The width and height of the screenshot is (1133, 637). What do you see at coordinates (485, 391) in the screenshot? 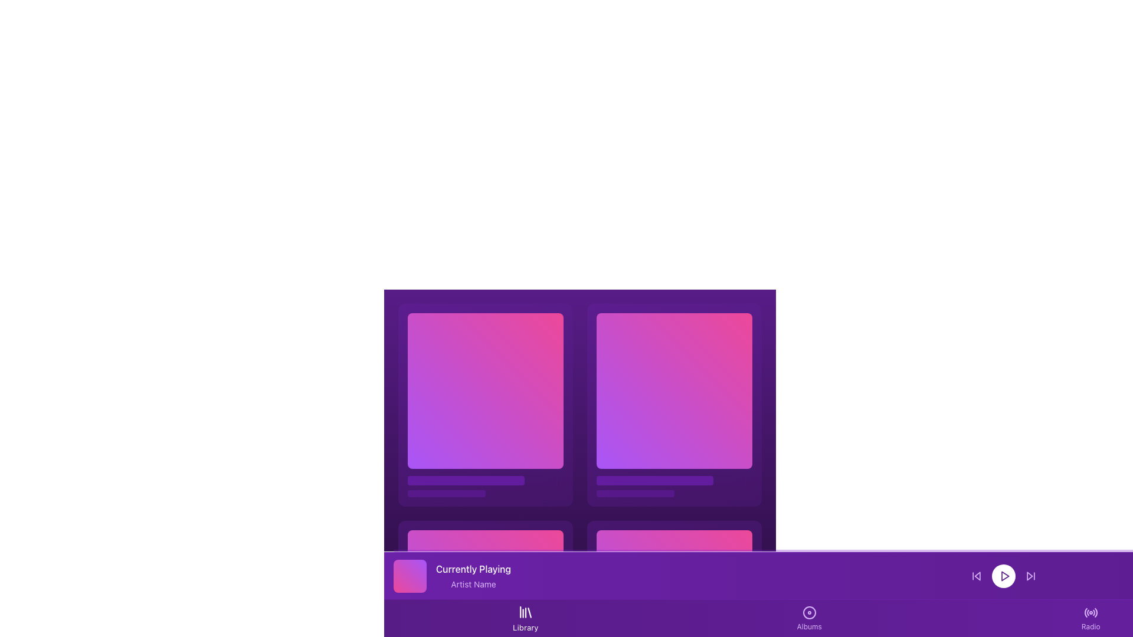
I see `the decorative square element with a gradient background transitioning from purple to pink, located in the top-left portion of a grid layout` at bounding box center [485, 391].